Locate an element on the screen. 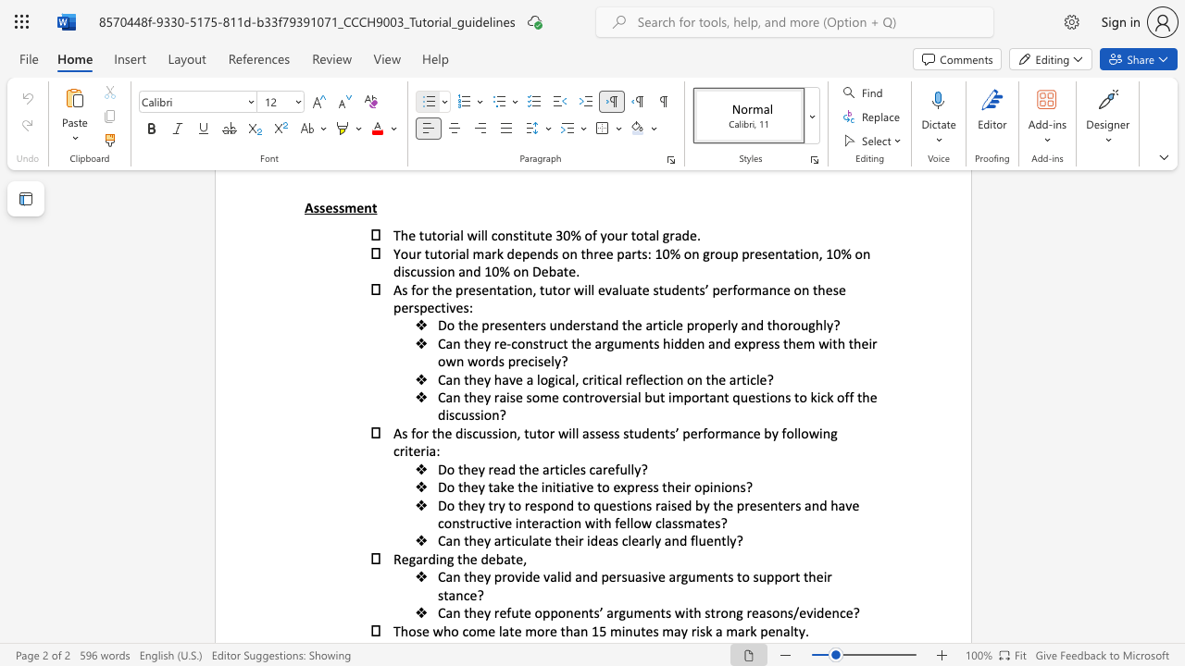 The image size is (1185, 666). the 2th character "i" in the text is located at coordinates (553, 486).